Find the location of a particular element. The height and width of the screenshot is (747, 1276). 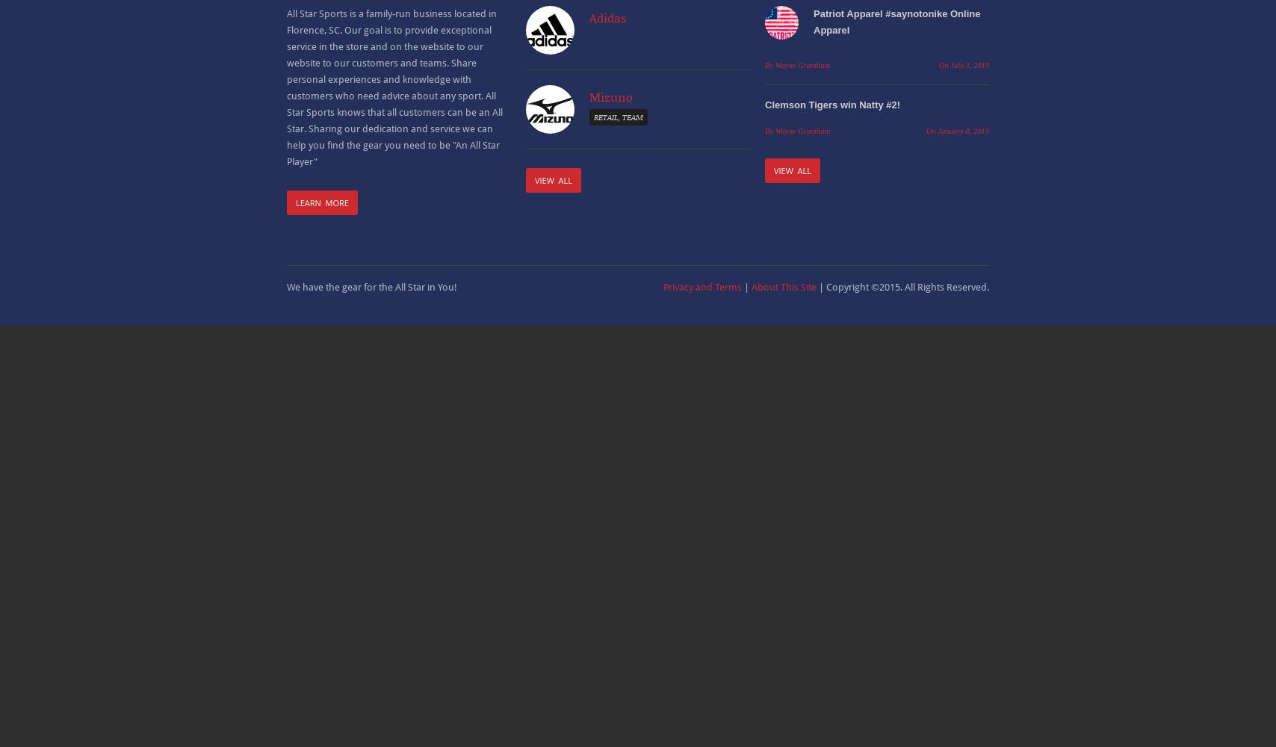

'Mizuno' is located at coordinates (610, 96).